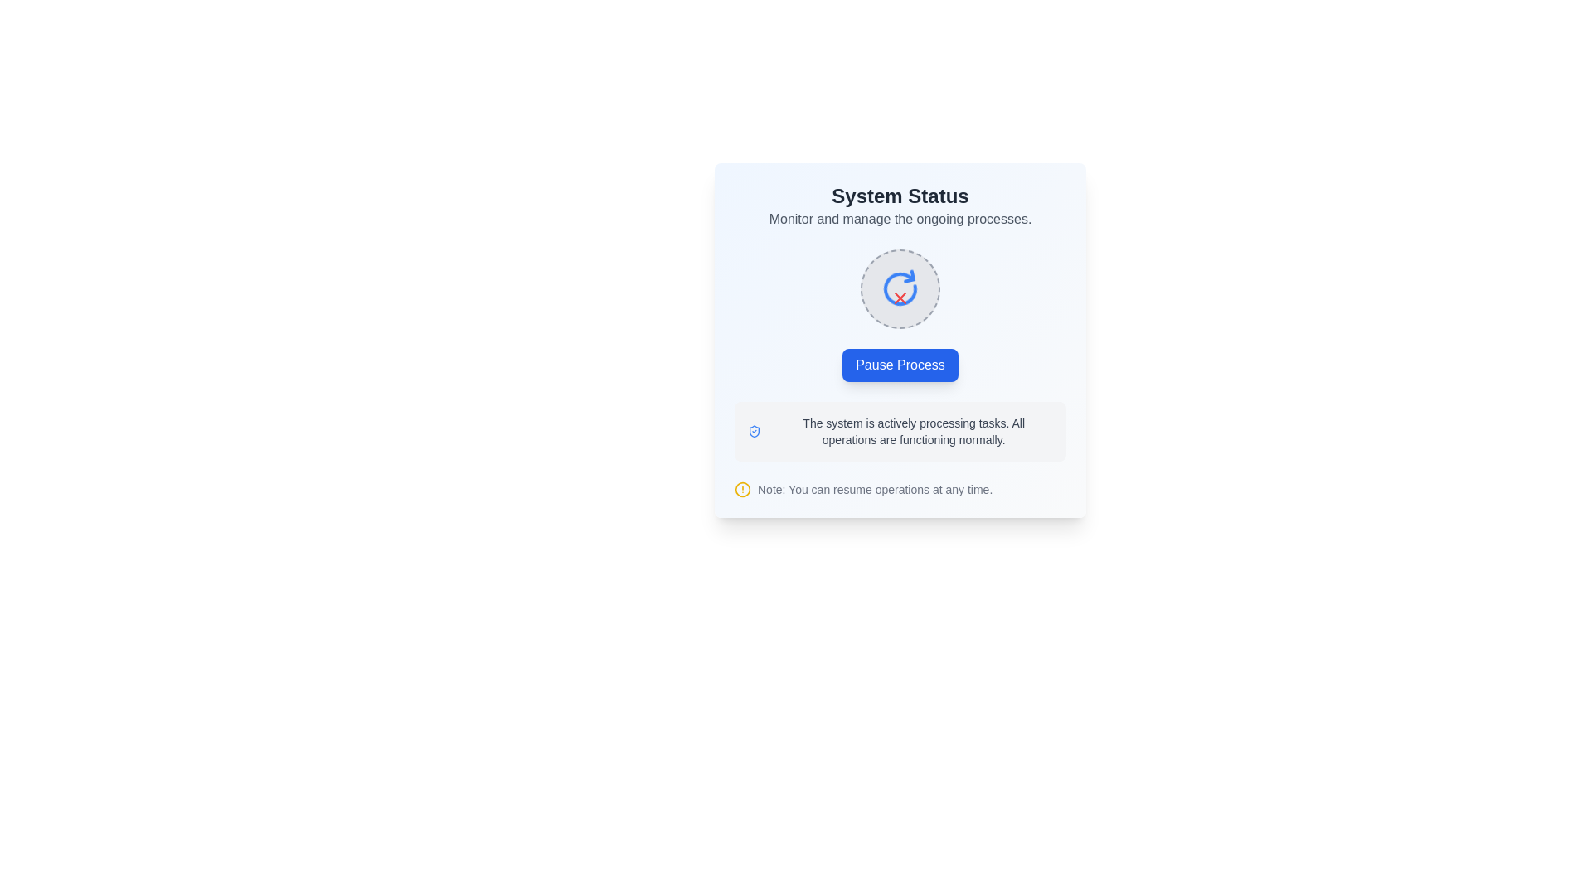 Image resolution: width=1592 pixels, height=895 pixels. What do you see at coordinates (742, 488) in the screenshot?
I see `the circular icon that visually denotes an important note or cautionary statement, located at the leftmost side of a horizontally-aligned group adjacent to the text 'Note: You can resume operations at any time.'` at bounding box center [742, 488].